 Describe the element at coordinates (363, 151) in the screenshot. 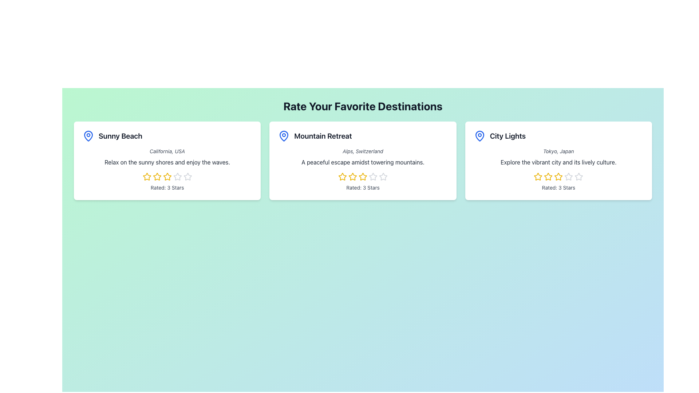

I see `text label displaying 'Alps, Switzerland' in gray color, located below the title 'Mountain Retreat' within the second card of three horizontal cards` at that location.